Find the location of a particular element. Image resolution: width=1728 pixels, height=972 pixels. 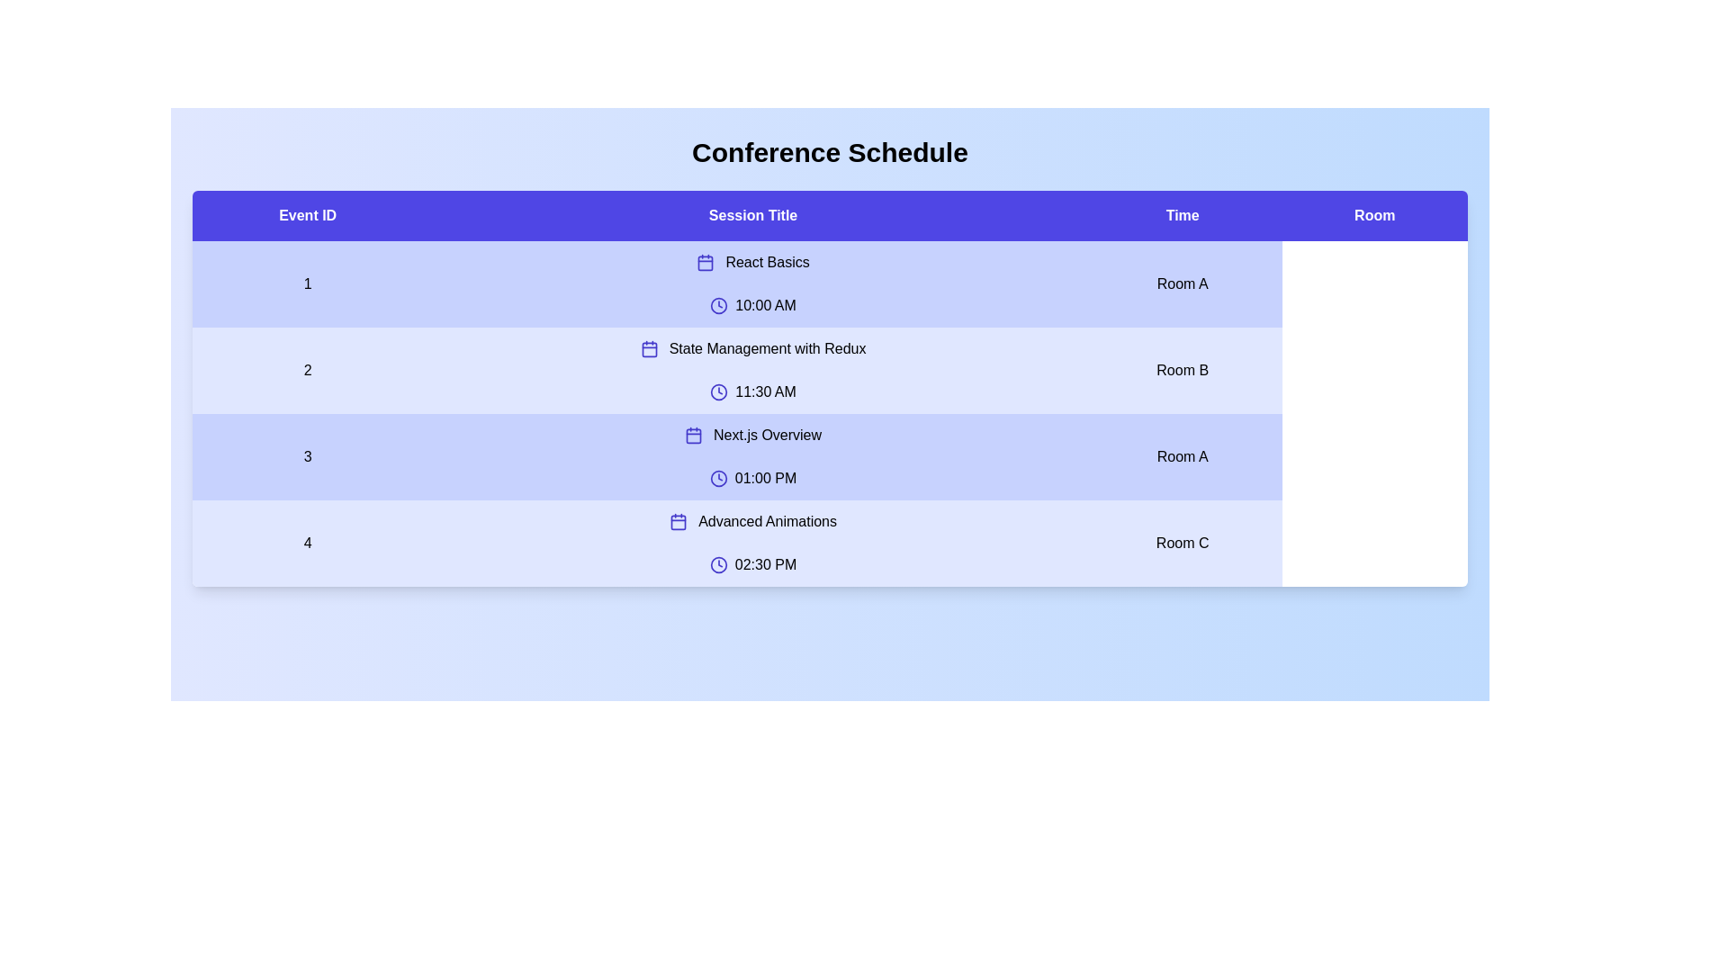

the row corresponding to 1 is located at coordinates (829, 283).